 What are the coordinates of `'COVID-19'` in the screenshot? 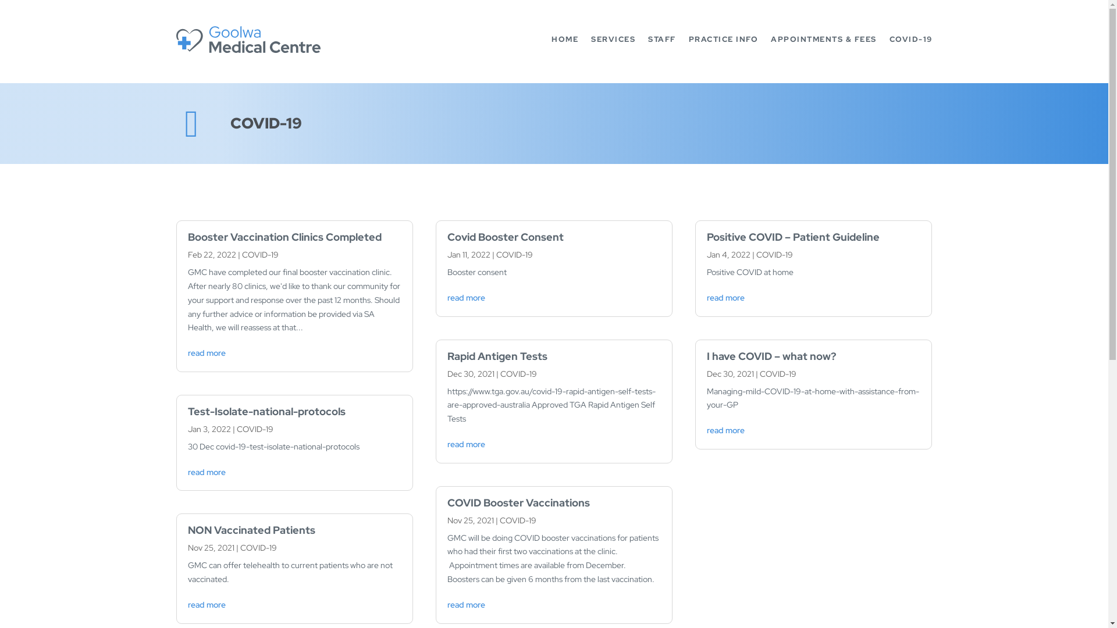 It's located at (774, 254).